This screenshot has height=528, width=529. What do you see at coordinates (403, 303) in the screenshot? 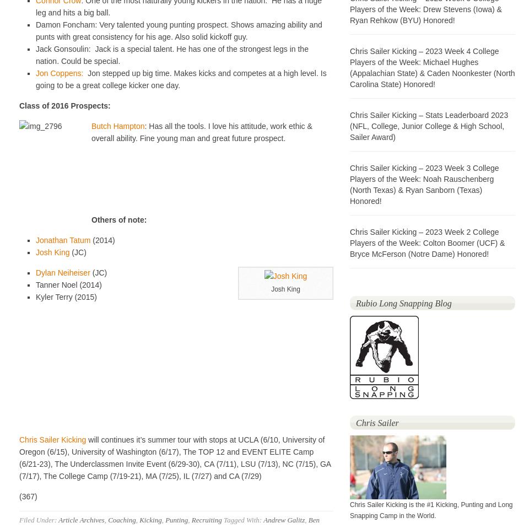
I see `'Rubio Long Snapping Blog'` at bounding box center [403, 303].